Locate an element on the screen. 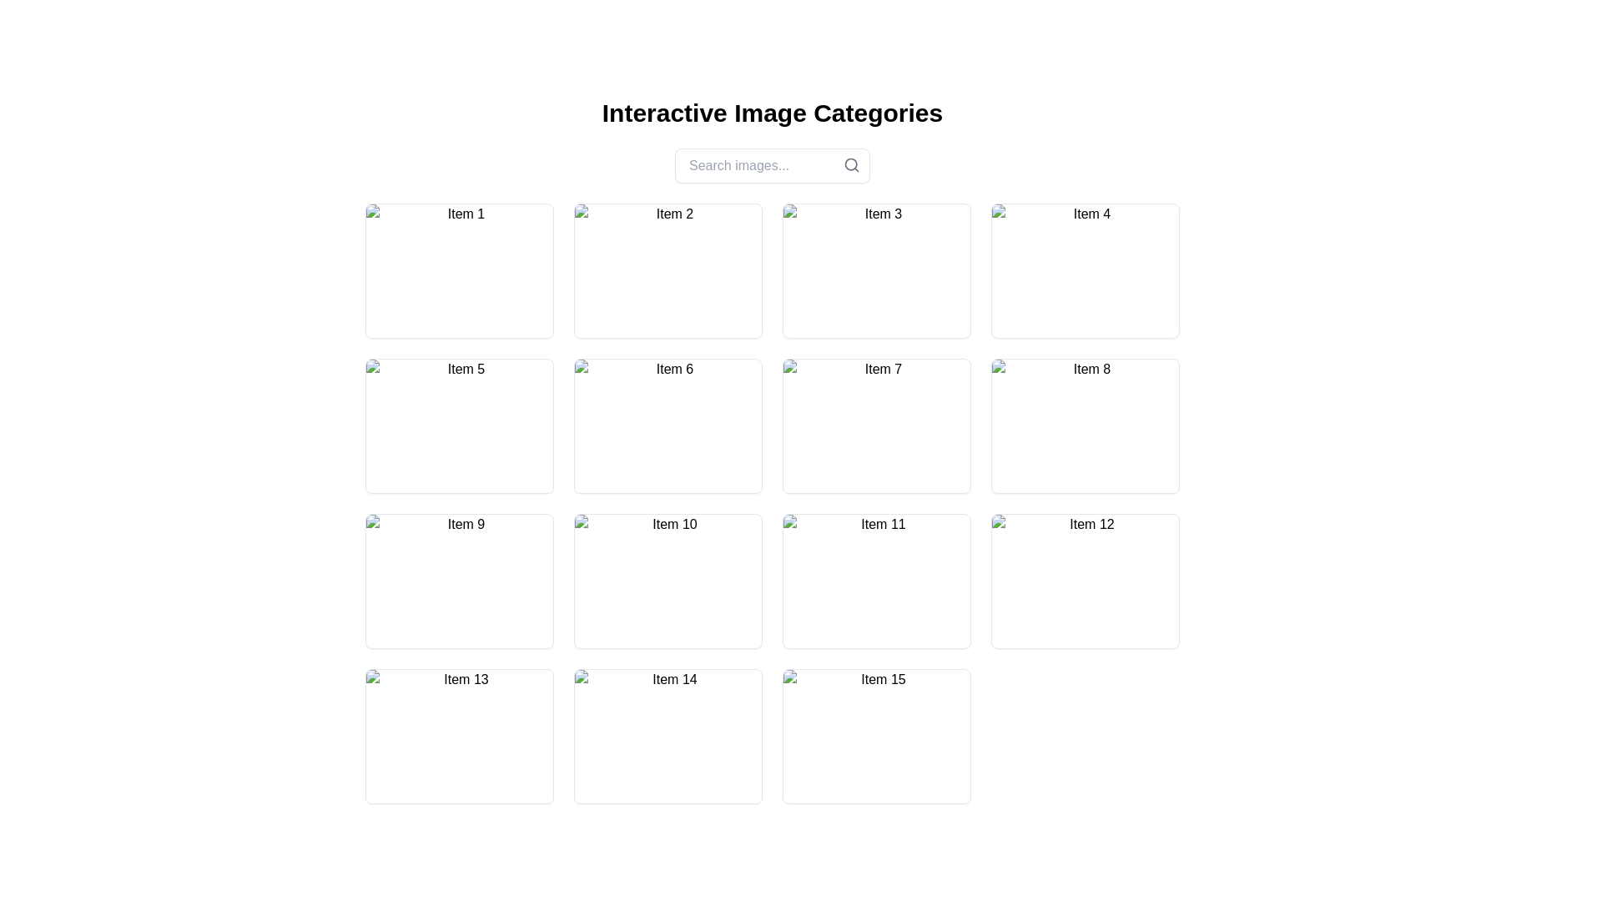  the image representing 'Item 8' in the grid layout is located at coordinates (1085, 425).